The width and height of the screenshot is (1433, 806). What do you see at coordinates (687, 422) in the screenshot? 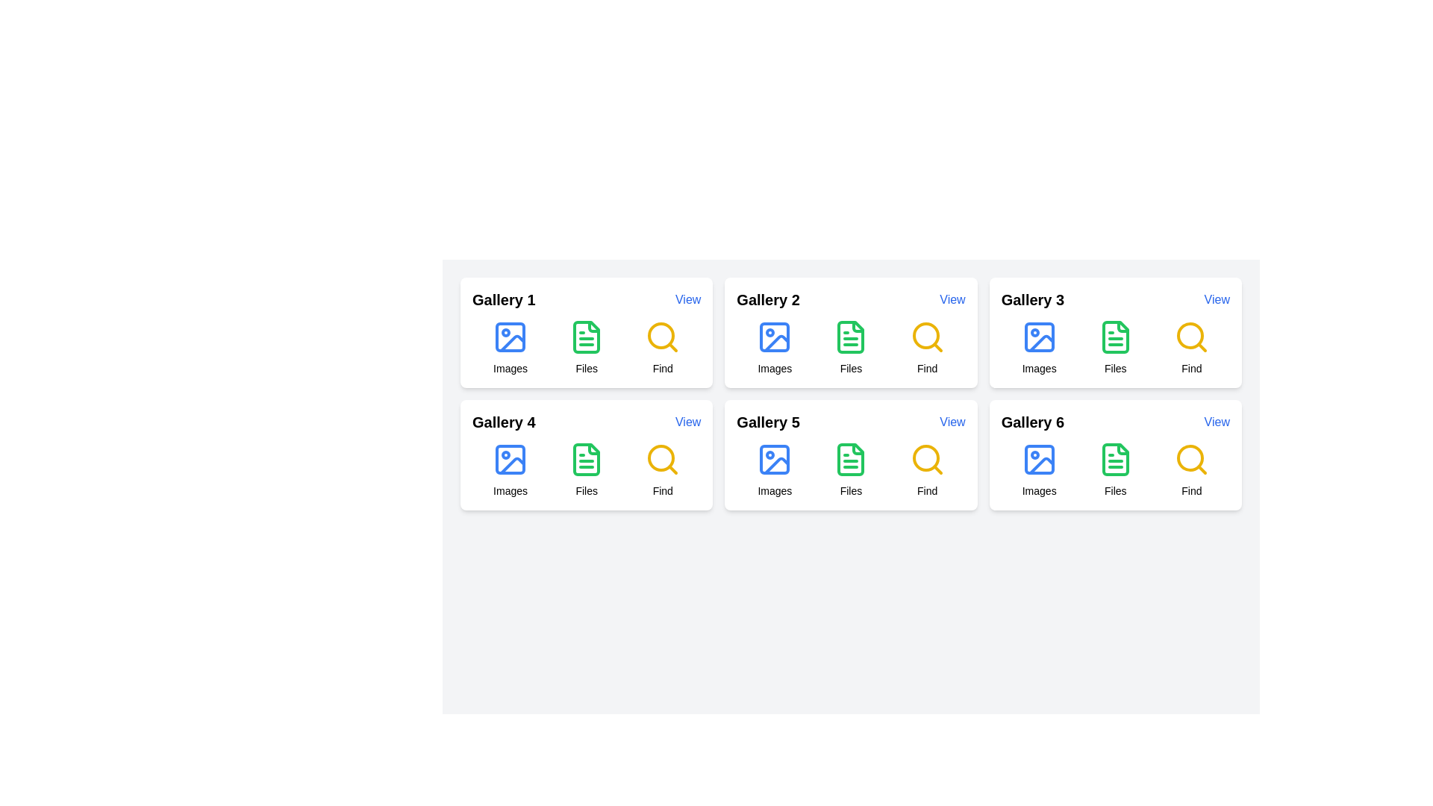
I see `the 'View' hyperlink located on the right side of the 'Gallery 4' text in the second row, first column of the grid layout` at bounding box center [687, 422].